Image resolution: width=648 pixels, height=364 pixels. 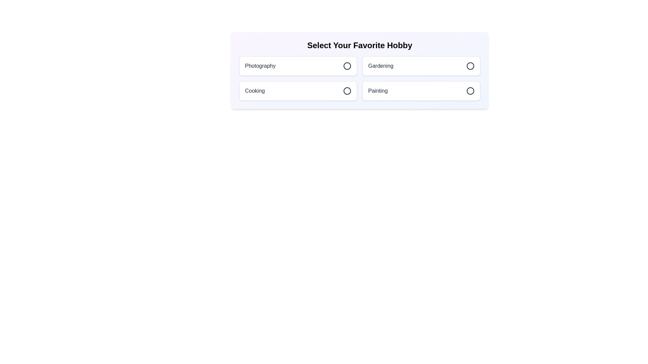 I want to click on the circular selection indicator for 'Photography' located in the top-left cell of the 'Select Your Favorite Hobby' section, so click(x=347, y=66).